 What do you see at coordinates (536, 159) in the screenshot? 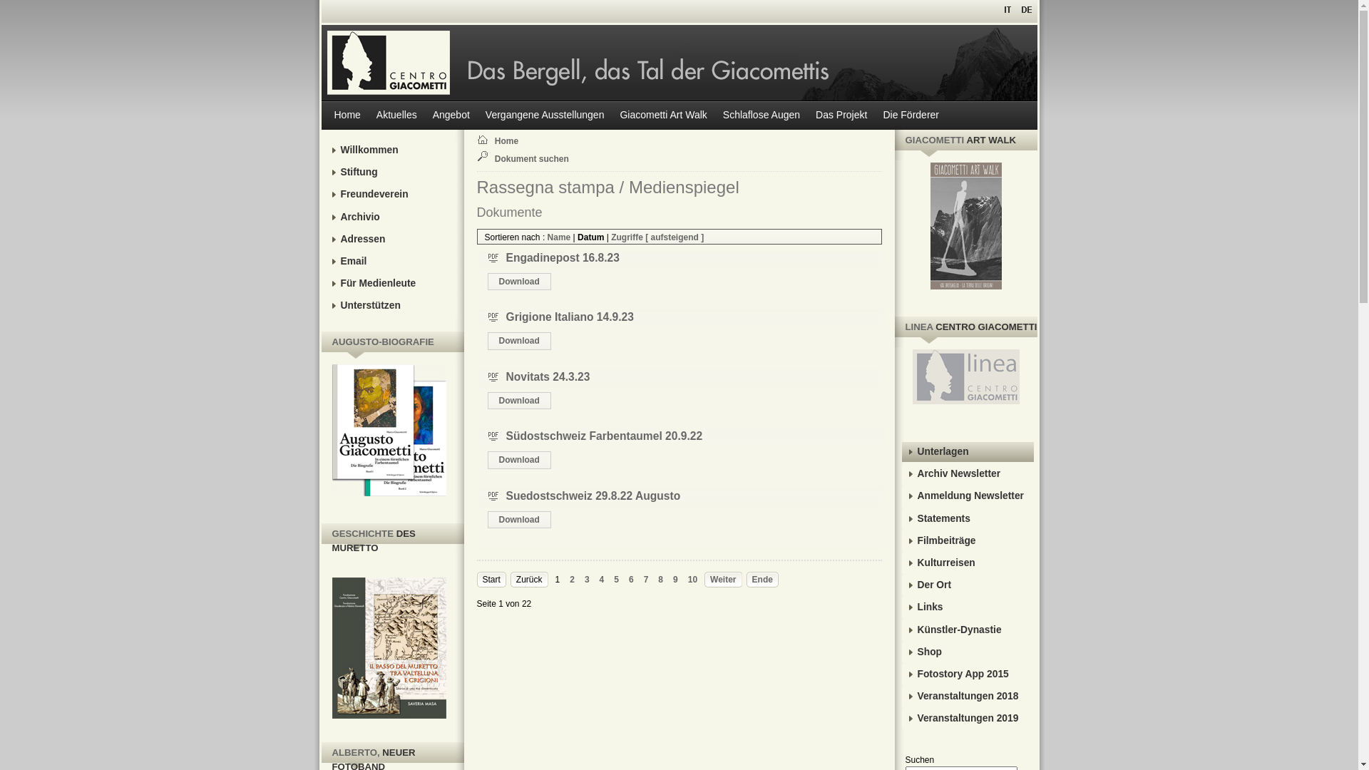
I see `'Dokument suchen'` at bounding box center [536, 159].